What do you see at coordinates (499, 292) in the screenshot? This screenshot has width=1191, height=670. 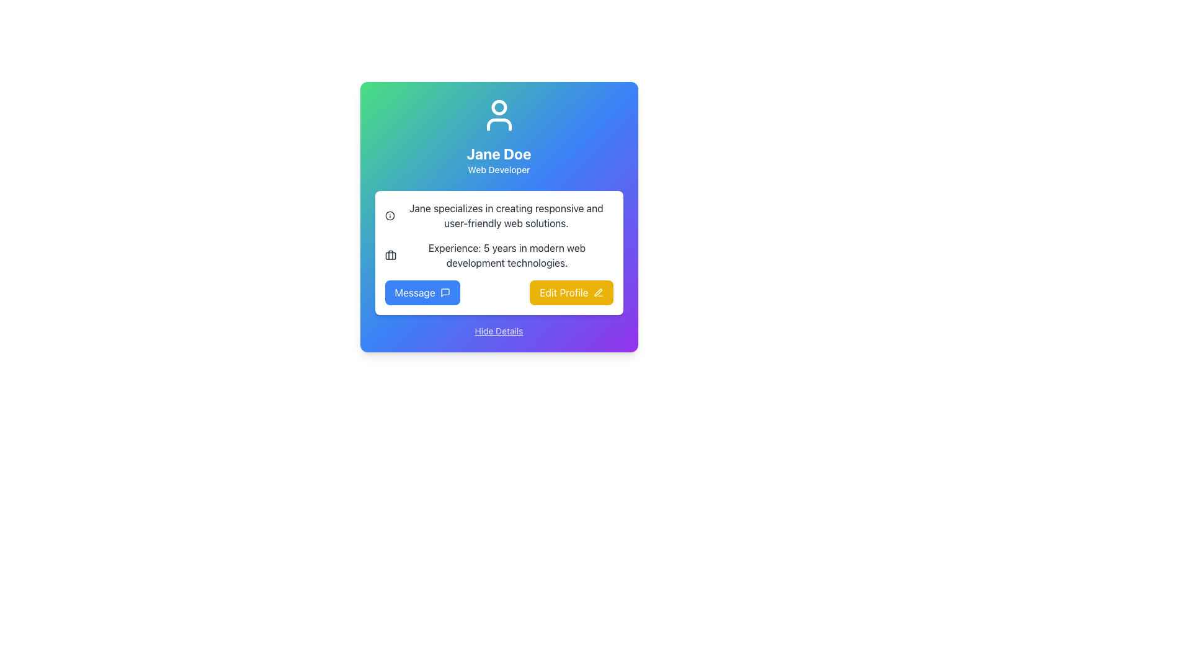 I see `the 'Edit Profile' button located at the bottom of the white card containing job experience details to modify the profile` at bounding box center [499, 292].